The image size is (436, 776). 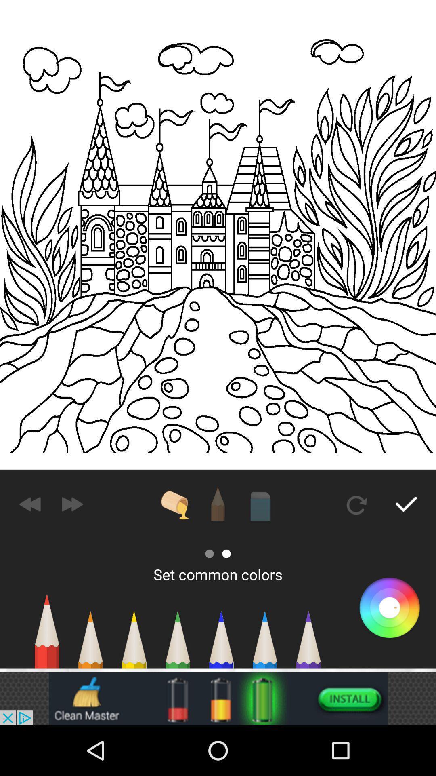 What do you see at coordinates (265, 643) in the screenshot?
I see `the text blue pencil` at bounding box center [265, 643].